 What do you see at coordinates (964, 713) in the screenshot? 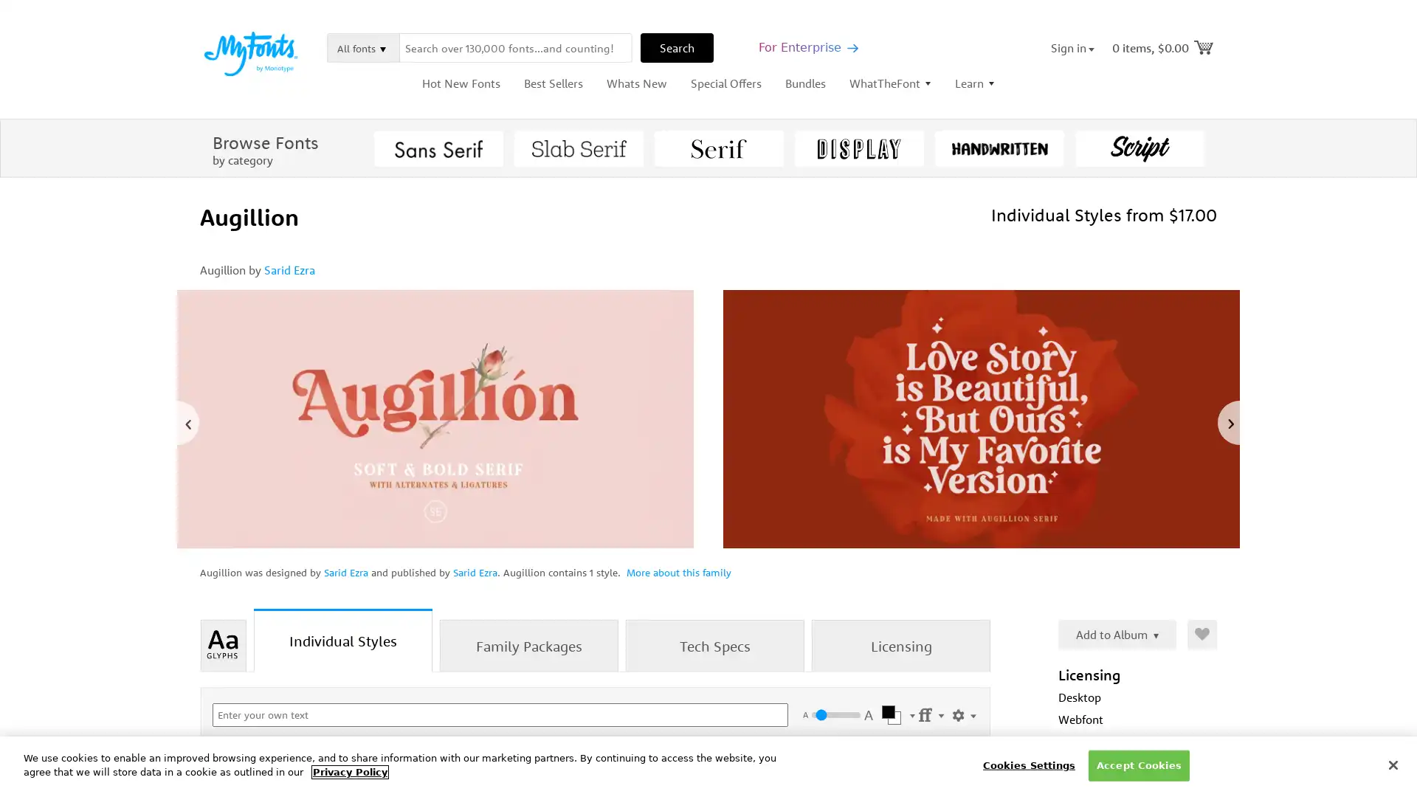
I see `Show Settings` at bounding box center [964, 713].